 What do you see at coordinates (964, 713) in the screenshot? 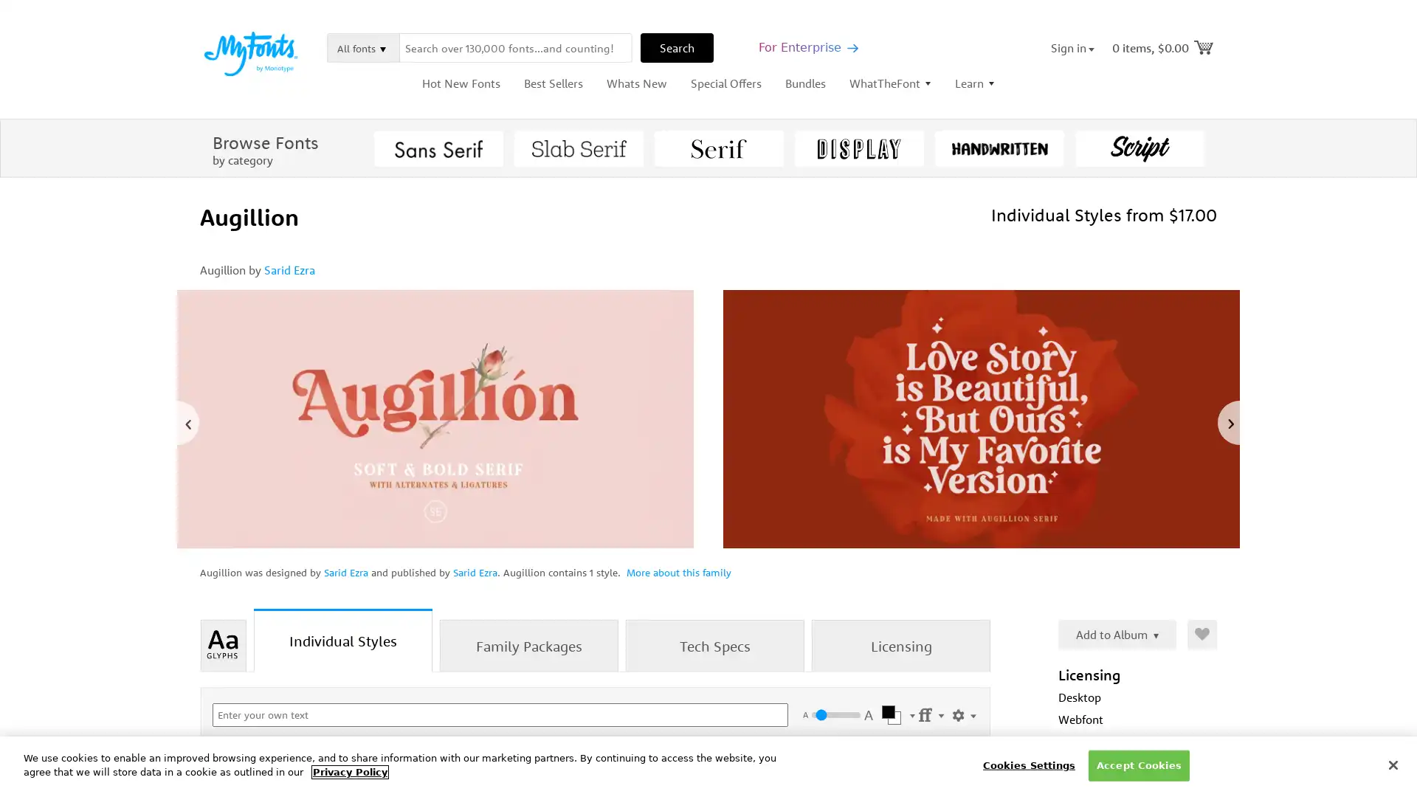
I see `Show Settings` at bounding box center [964, 713].